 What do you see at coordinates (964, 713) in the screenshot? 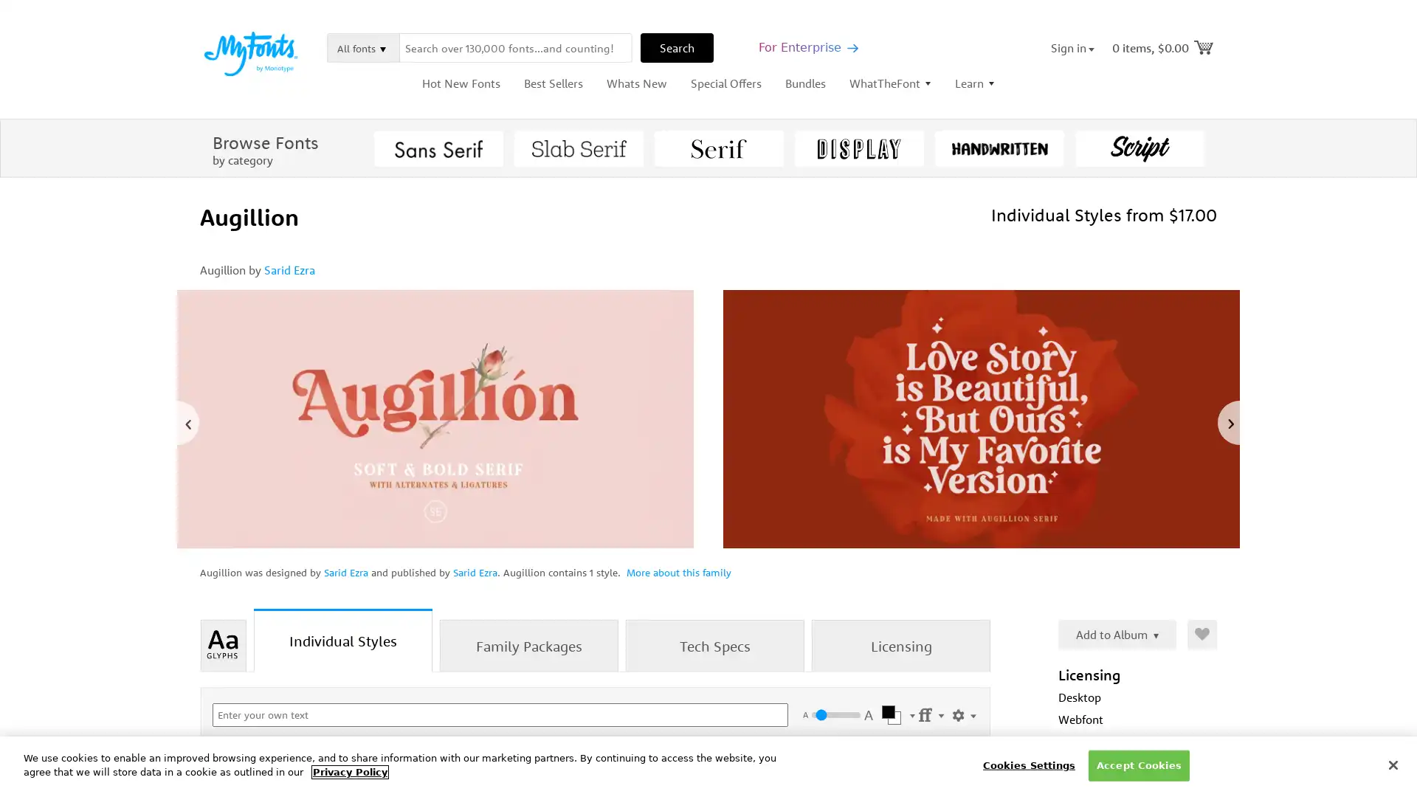
I see `Show Settings` at bounding box center [964, 713].